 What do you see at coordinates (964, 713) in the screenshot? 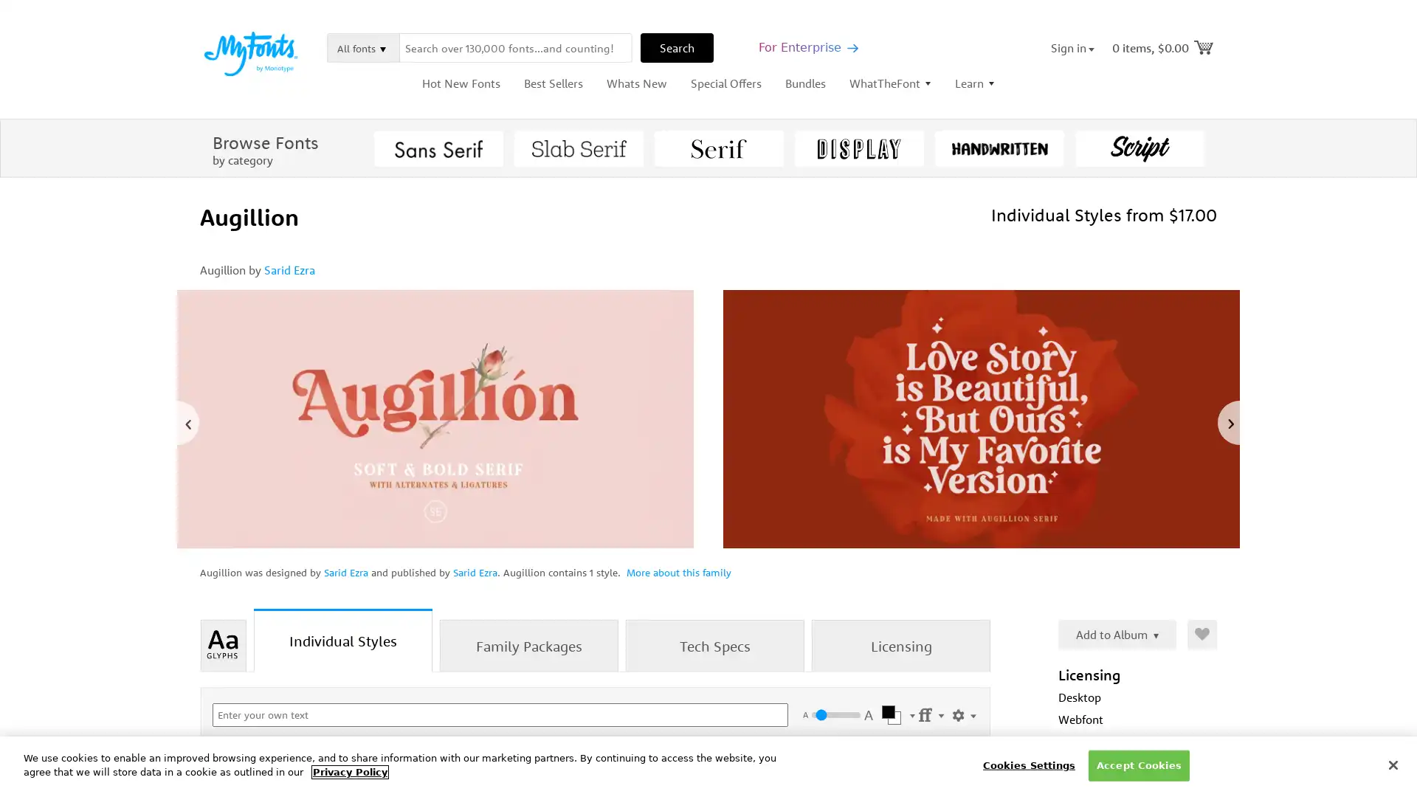
I see `Show Settings` at bounding box center [964, 713].